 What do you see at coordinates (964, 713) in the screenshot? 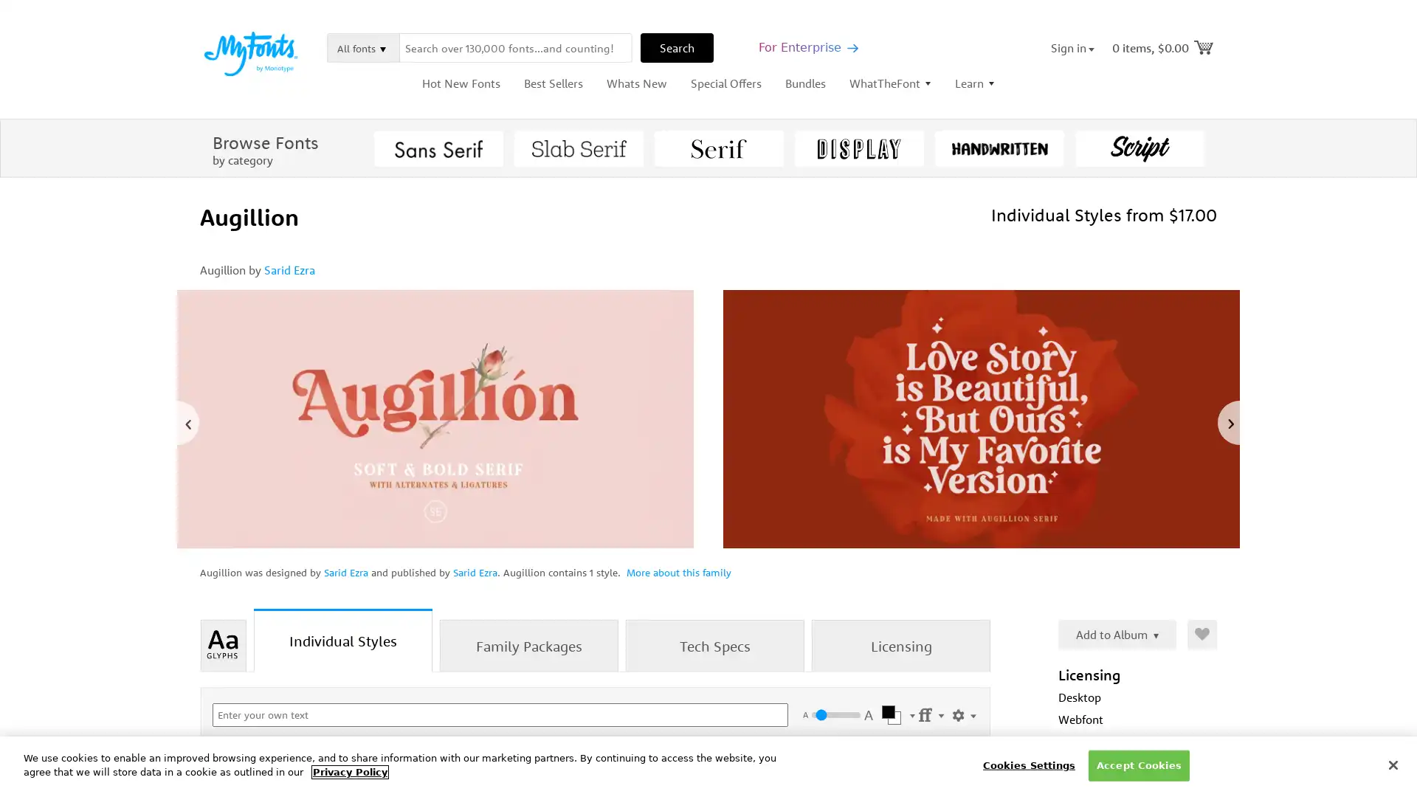
I see `Show Settings` at bounding box center [964, 713].